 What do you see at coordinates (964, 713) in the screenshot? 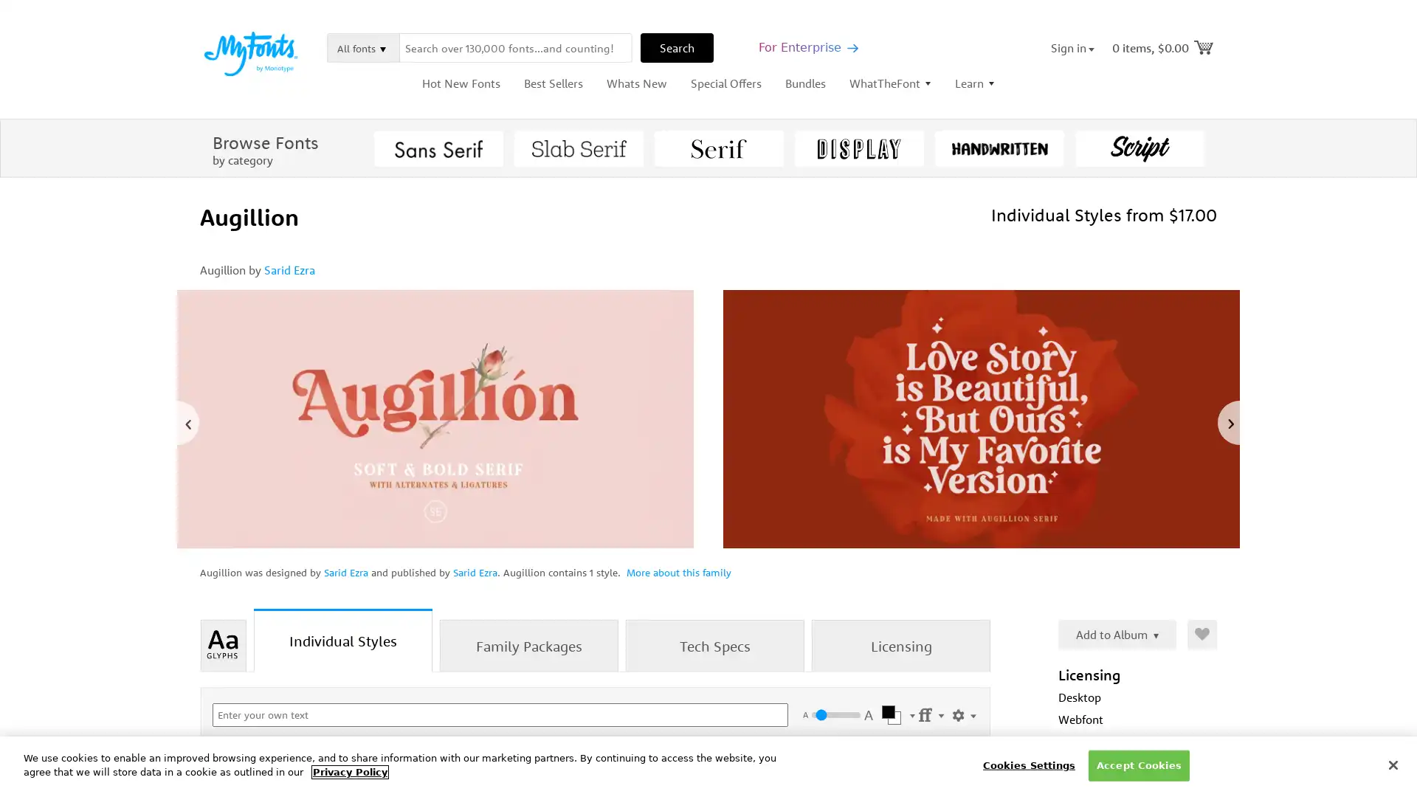
I see `Show Settings` at bounding box center [964, 713].